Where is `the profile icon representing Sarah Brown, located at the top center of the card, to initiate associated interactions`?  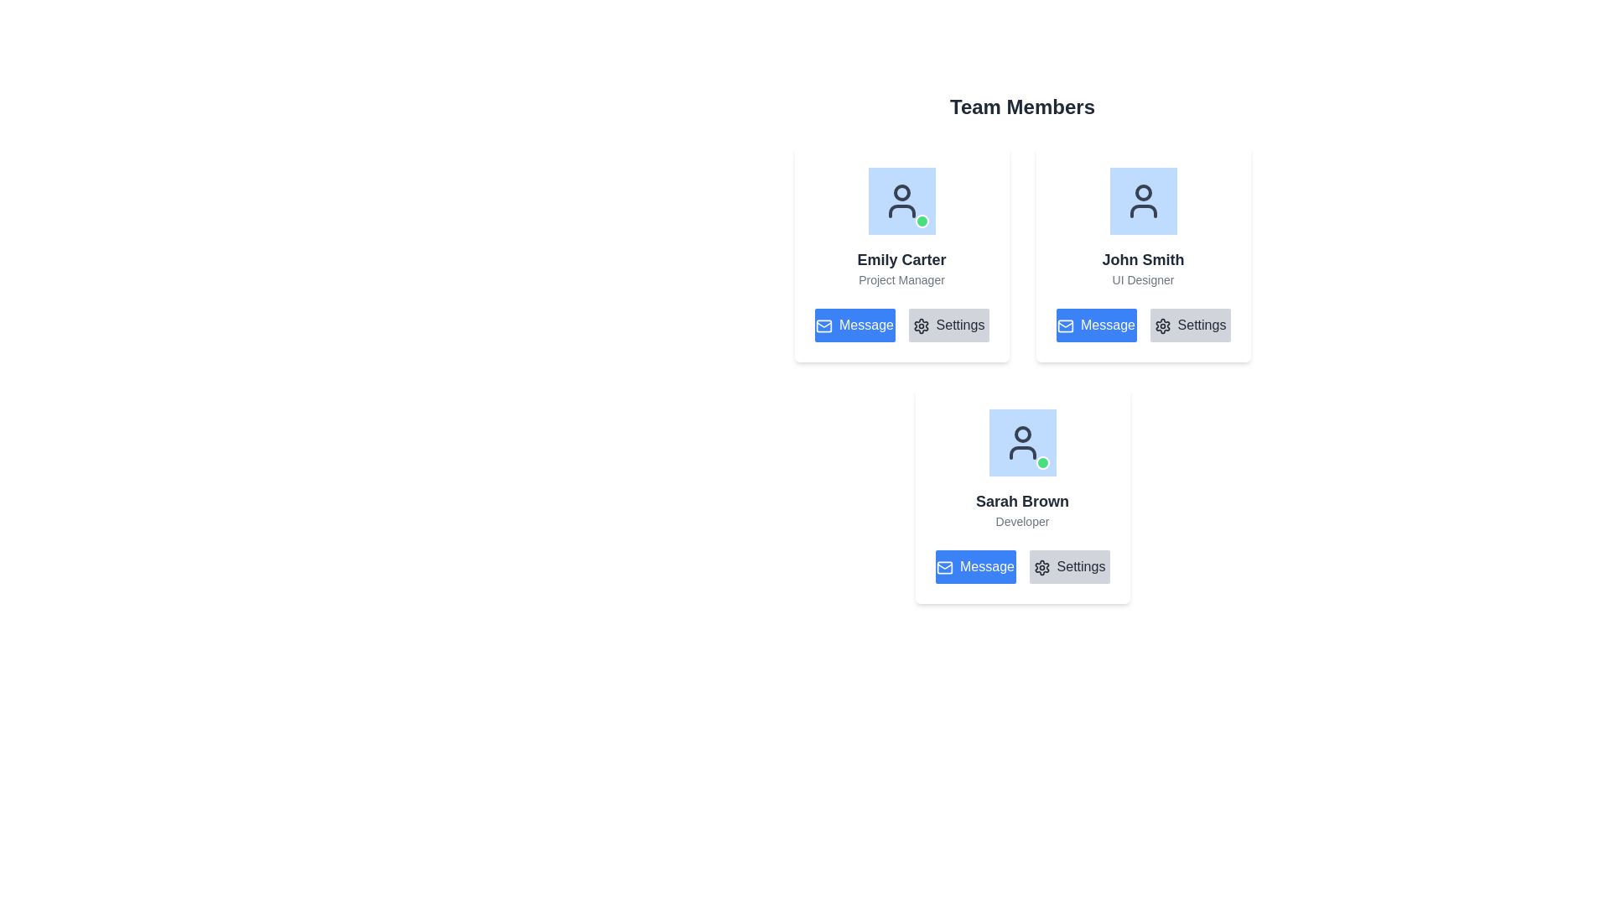 the profile icon representing Sarah Brown, located at the top center of the card, to initiate associated interactions is located at coordinates (1021, 442).